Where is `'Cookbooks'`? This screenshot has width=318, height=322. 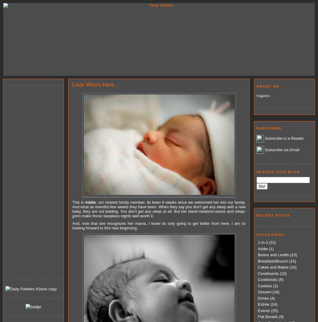 'Cookbooks' is located at coordinates (267, 279).